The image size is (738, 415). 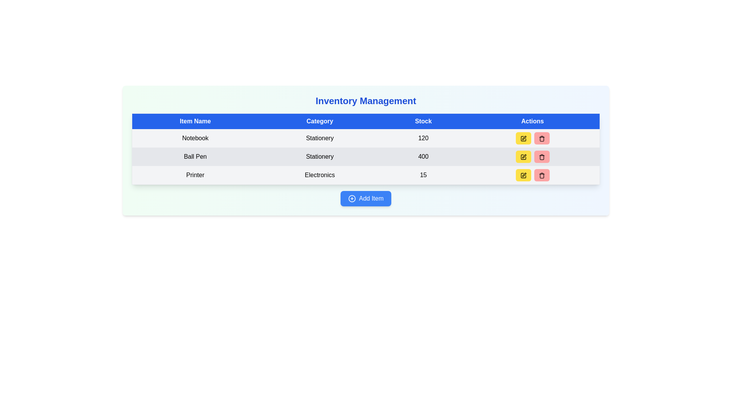 I want to click on the Decorative SVG circle element representing a plus-in-a-circle icon, which is located at the center of the 'Add Item' button below the table, so click(x=352, y=198).